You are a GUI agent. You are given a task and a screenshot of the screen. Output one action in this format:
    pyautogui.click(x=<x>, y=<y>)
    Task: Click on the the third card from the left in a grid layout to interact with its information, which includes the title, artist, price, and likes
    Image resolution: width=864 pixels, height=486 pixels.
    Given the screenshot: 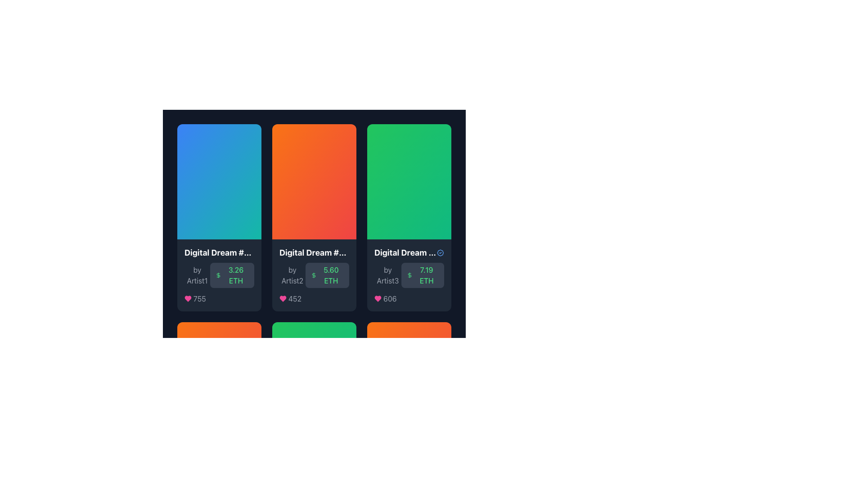 What is the action you would take?
    pyautogui.click(x=409, y=217)
    